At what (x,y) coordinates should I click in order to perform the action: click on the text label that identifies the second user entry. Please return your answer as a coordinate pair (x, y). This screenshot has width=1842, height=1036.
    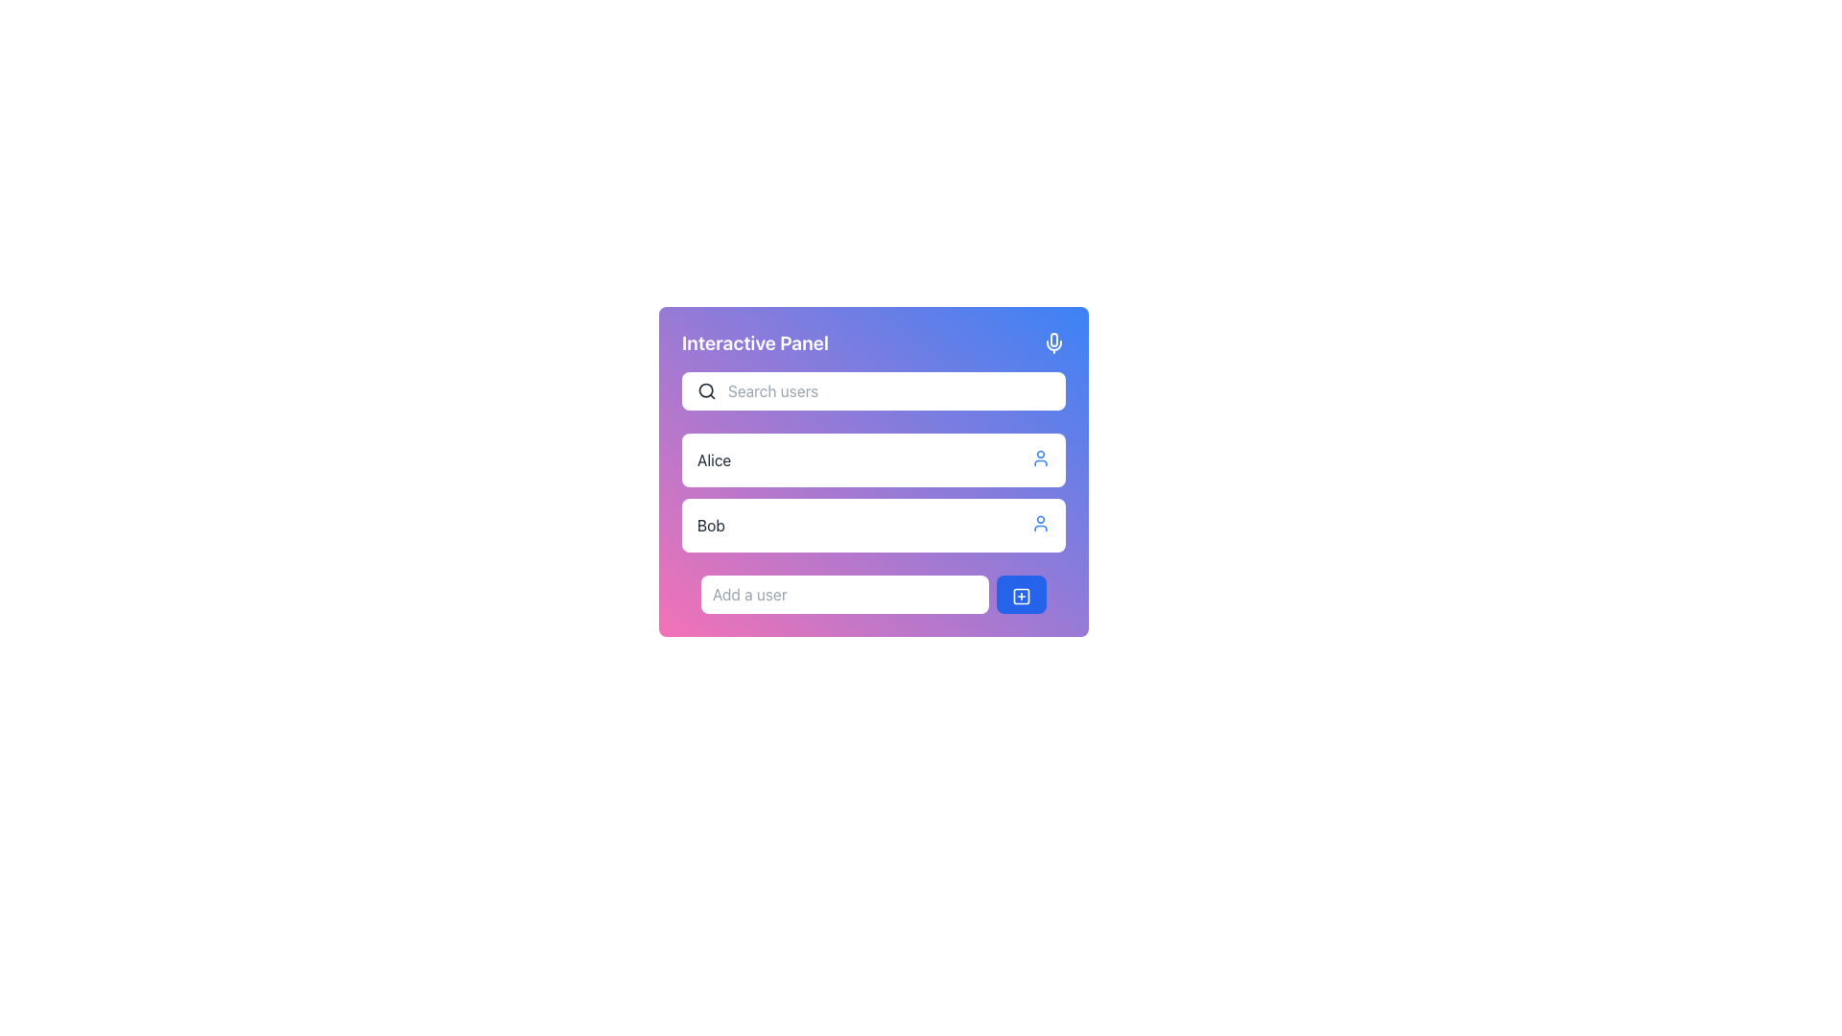
    Looking at the image, I should click on (710, 525).